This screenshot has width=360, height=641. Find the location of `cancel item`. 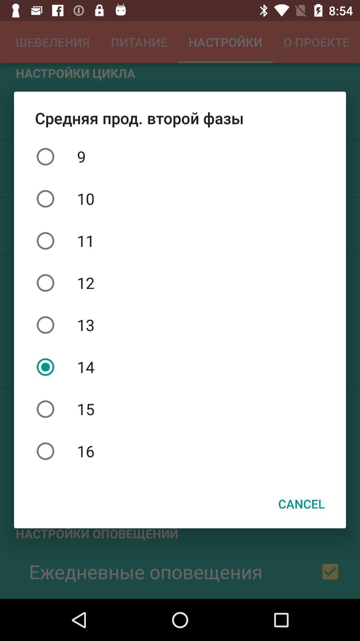

cancel item is located at coordinates (301, 503).